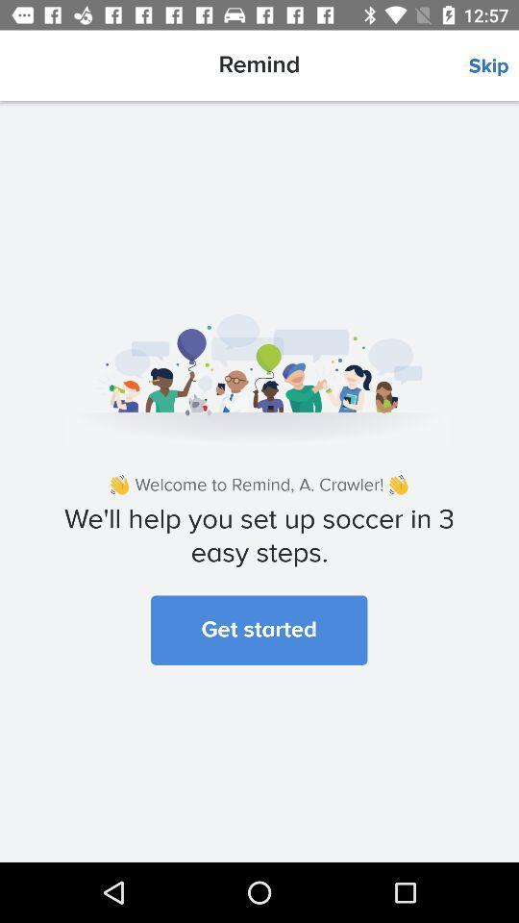  I want to click on the item above the welcome to remind, so click(493, 66).